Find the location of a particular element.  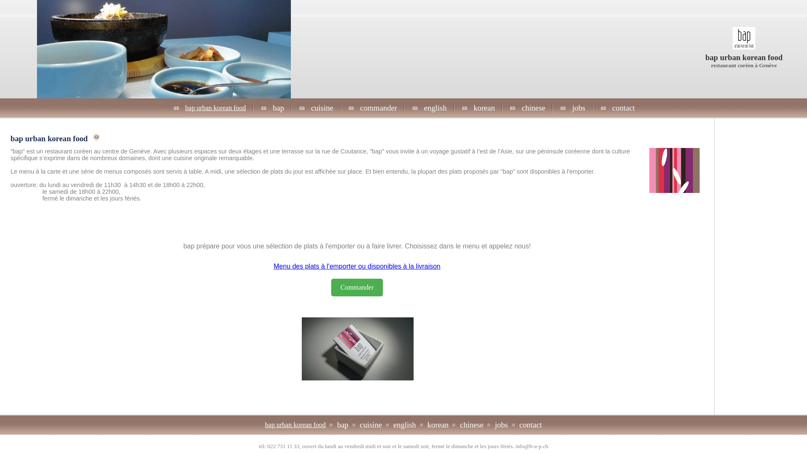

'Commander' is located at coordinates (330, 287).